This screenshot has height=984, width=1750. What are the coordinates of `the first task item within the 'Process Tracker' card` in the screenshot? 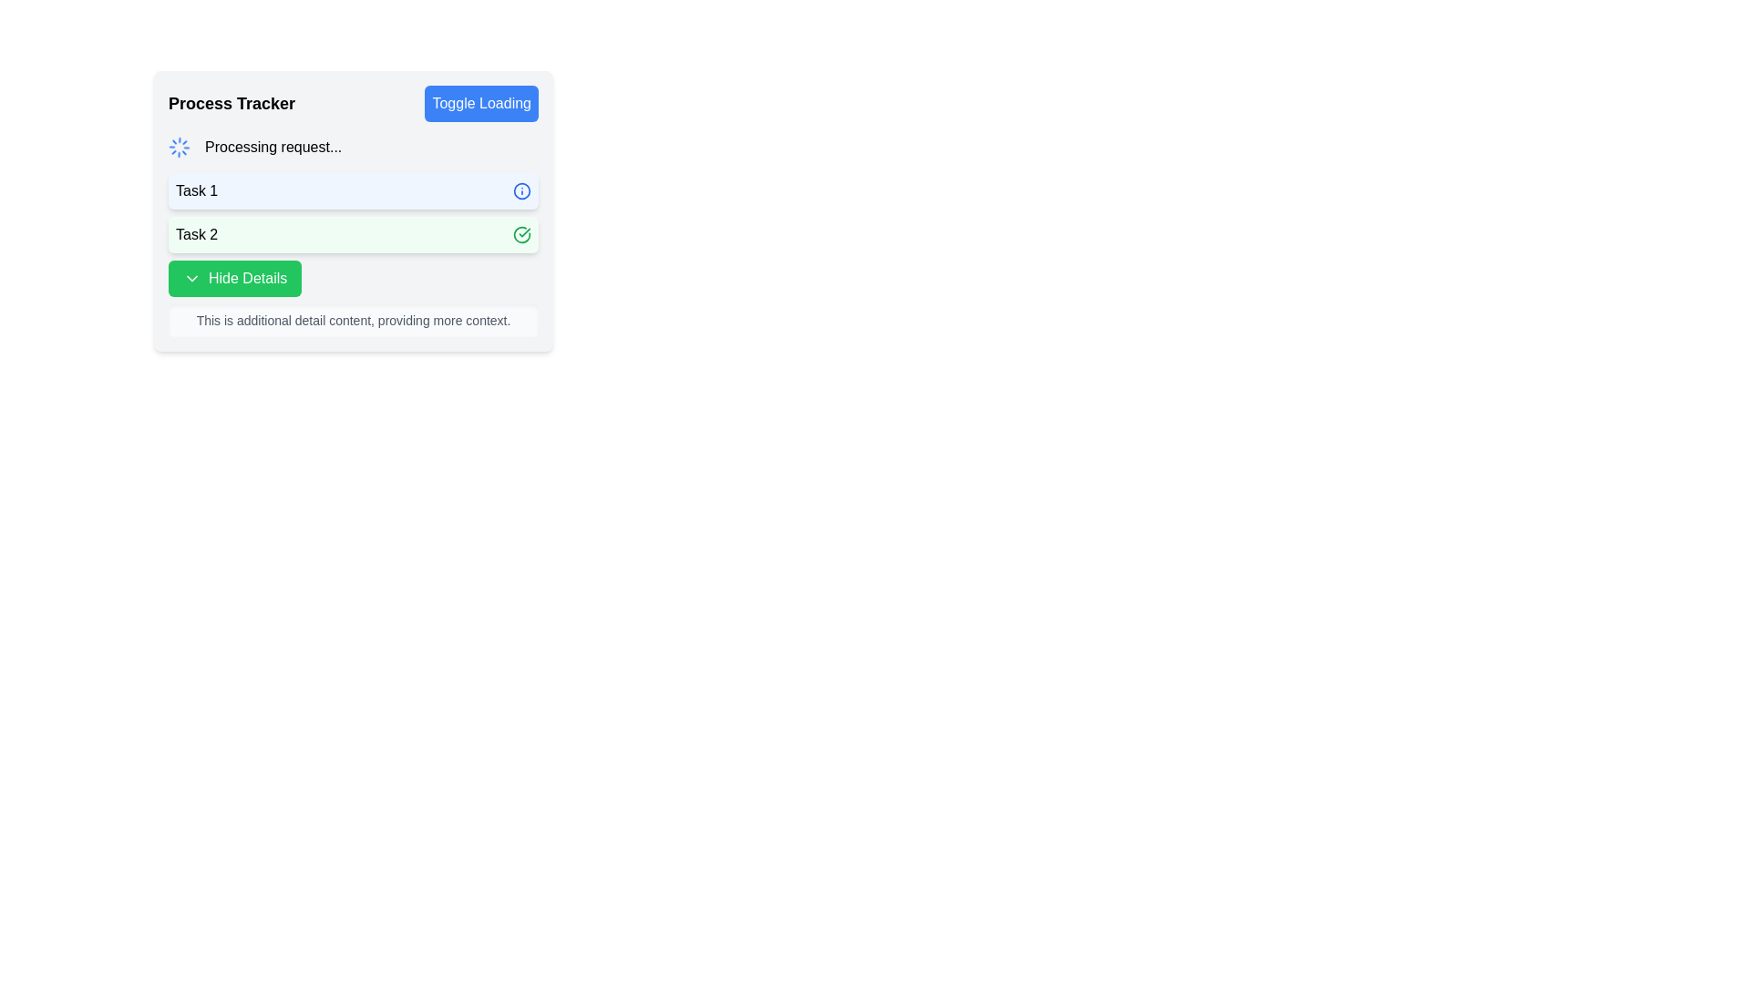 It's located at (354, 210).